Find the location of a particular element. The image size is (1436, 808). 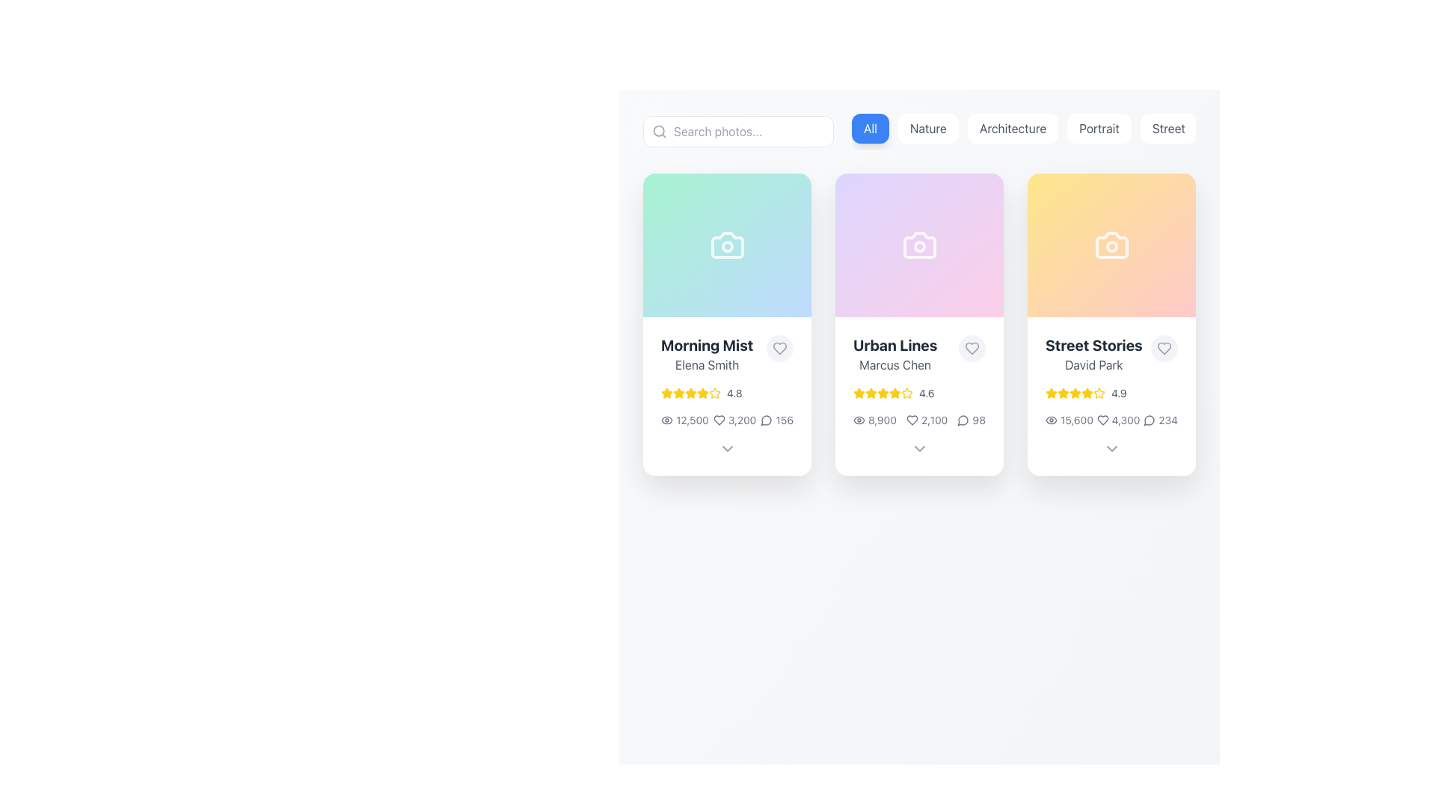

the related link nearby the 'Street Stories' text block, which is the primary title and author text block located inside the third card in a row of three cards is located at coordinates (1093, 355).